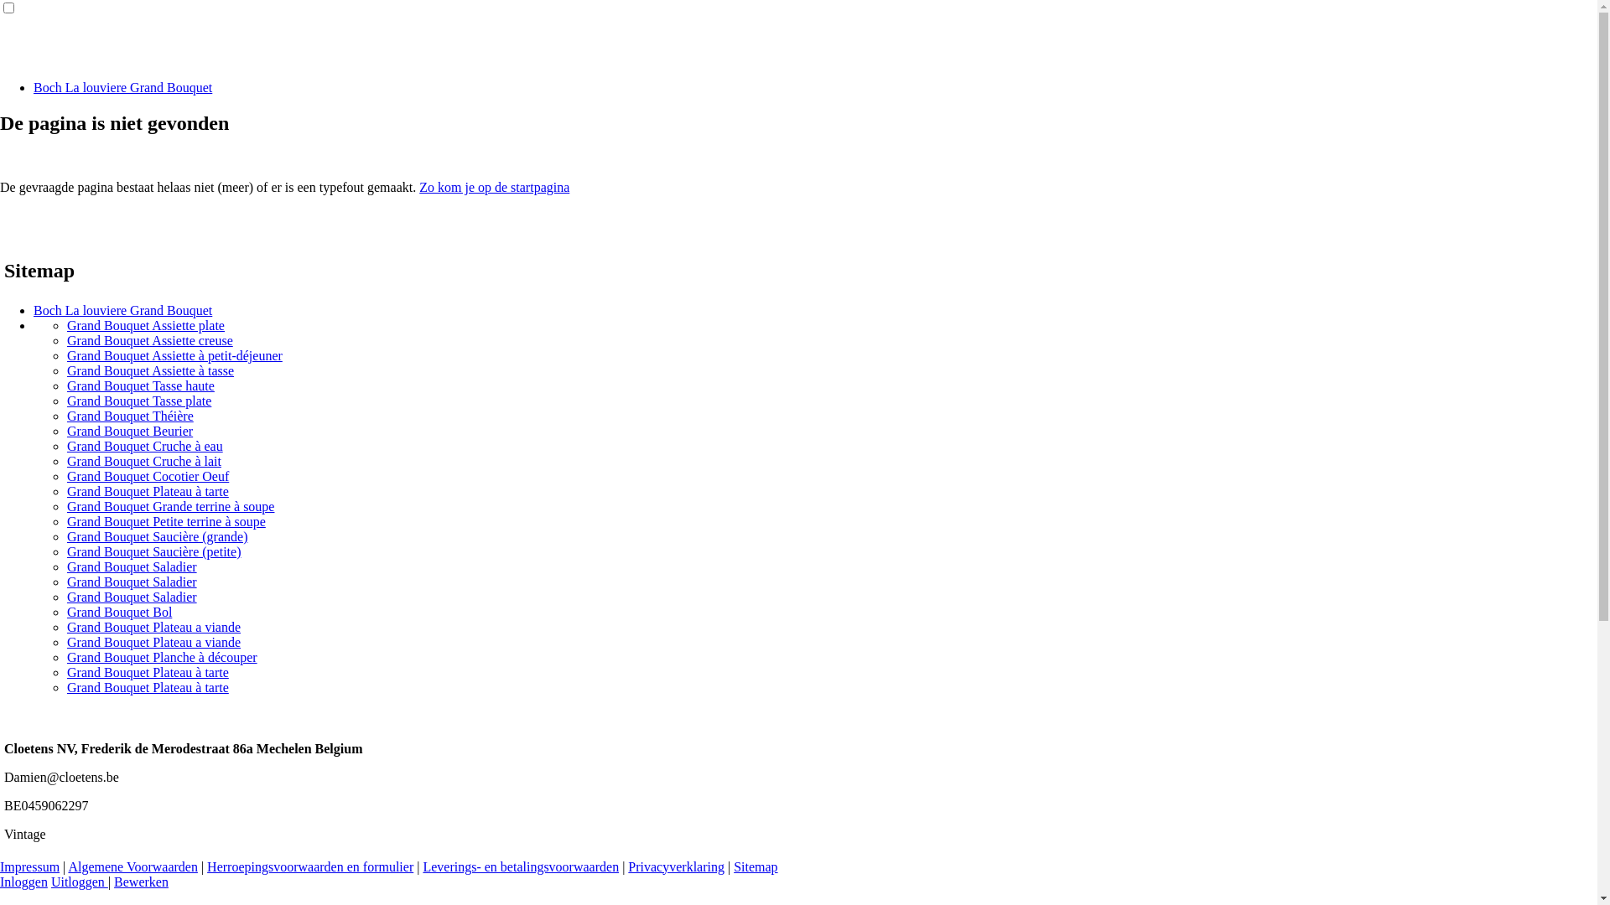  Describe the element at coordinates (148, 476) in the screenshot. I see `'Grand Bouquet Cocotier Oeuf'` at that location.